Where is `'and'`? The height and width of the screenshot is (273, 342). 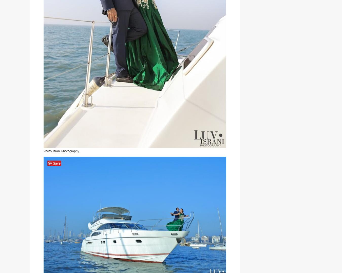 'and' is located at coordinates (221, 160).